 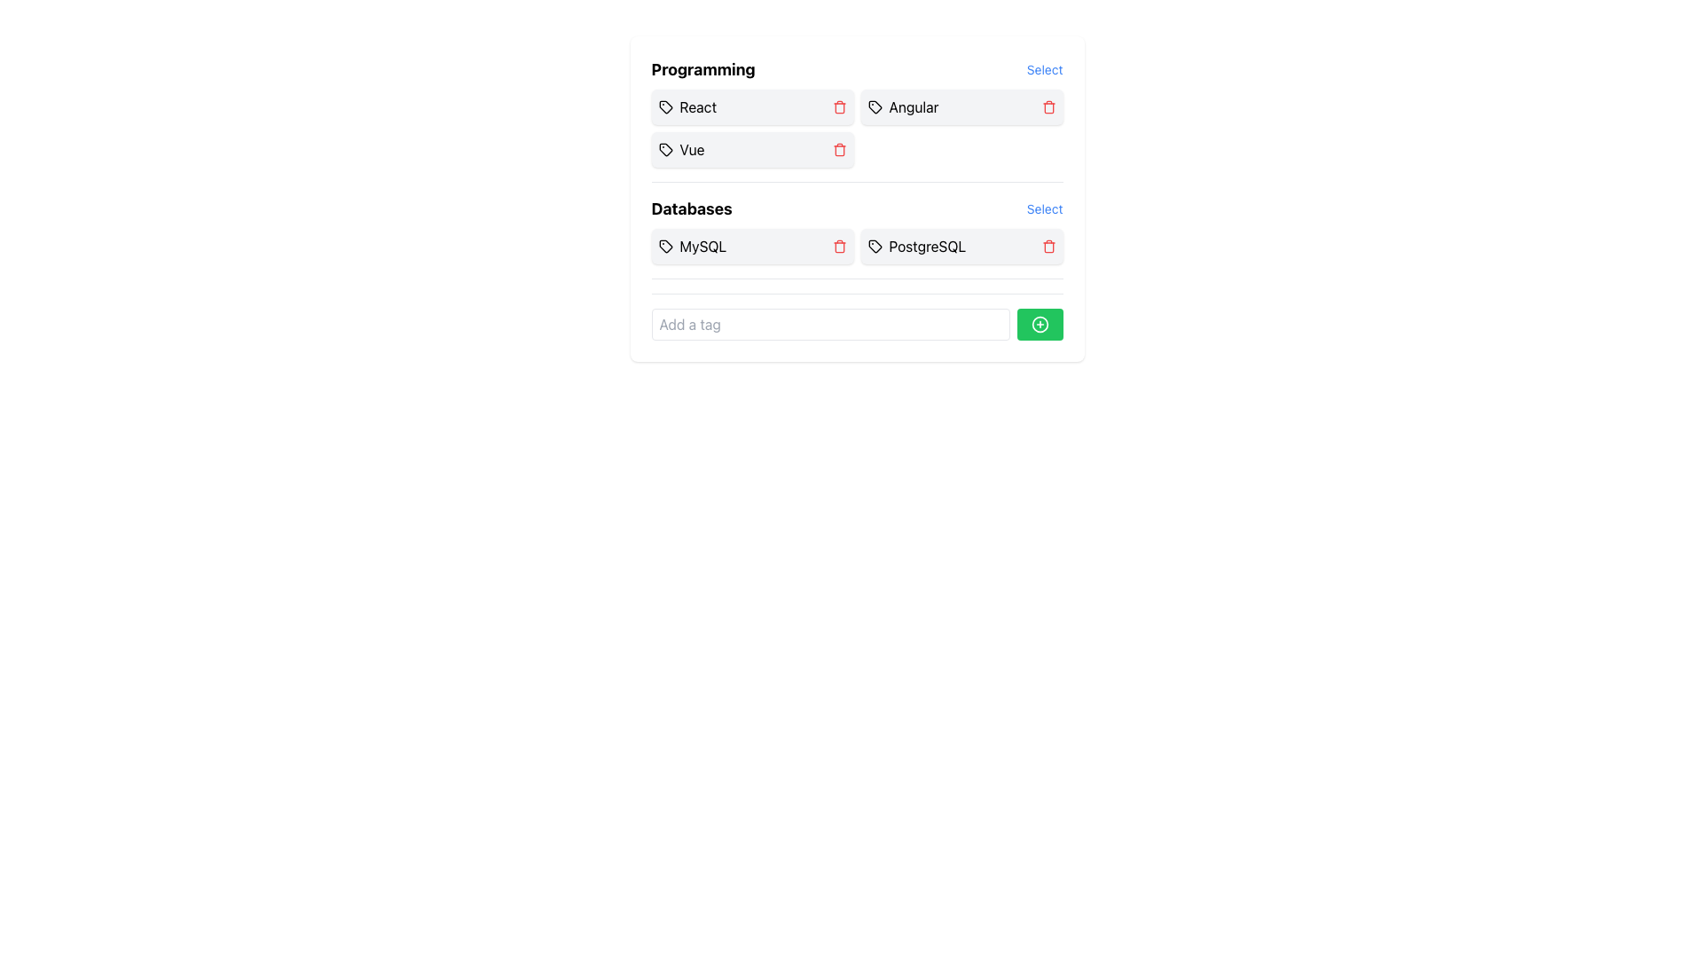 I want to click on the red trash icon button located at the right side of the 'Programming' section, so click(x=838, y=149).